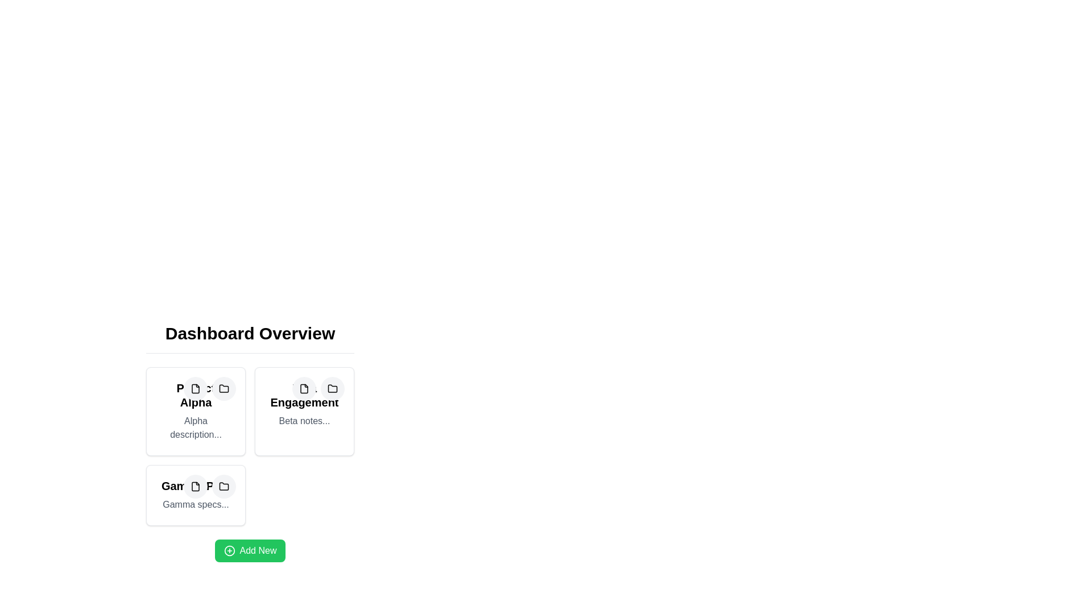  I want to click on the green button labeled 'Add New' with a plus icon, so click(250, 550).